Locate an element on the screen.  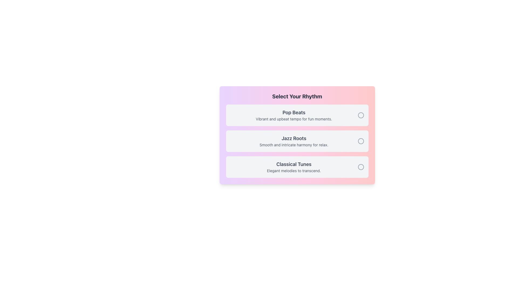
the Checkbox or radio button at the far right end of the 'Jazz Roots' list item in the 'Select Your Rhythm' section is located at coordinates (361, 141).